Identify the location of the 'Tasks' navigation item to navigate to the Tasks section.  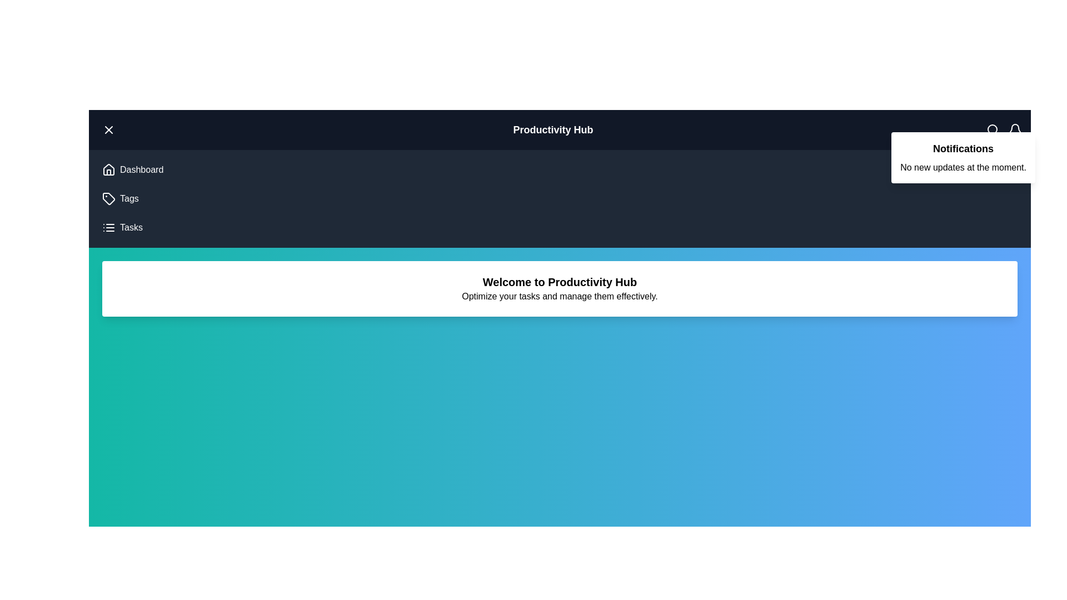
(131, 227).